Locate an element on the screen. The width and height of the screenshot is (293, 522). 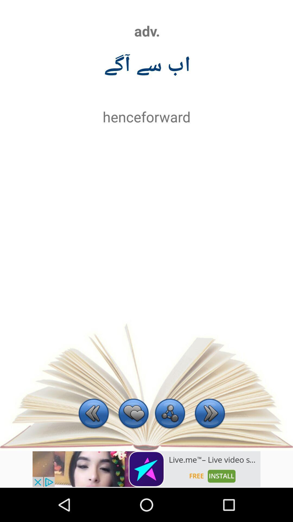
to favourites is located at coordinates (133, 414).